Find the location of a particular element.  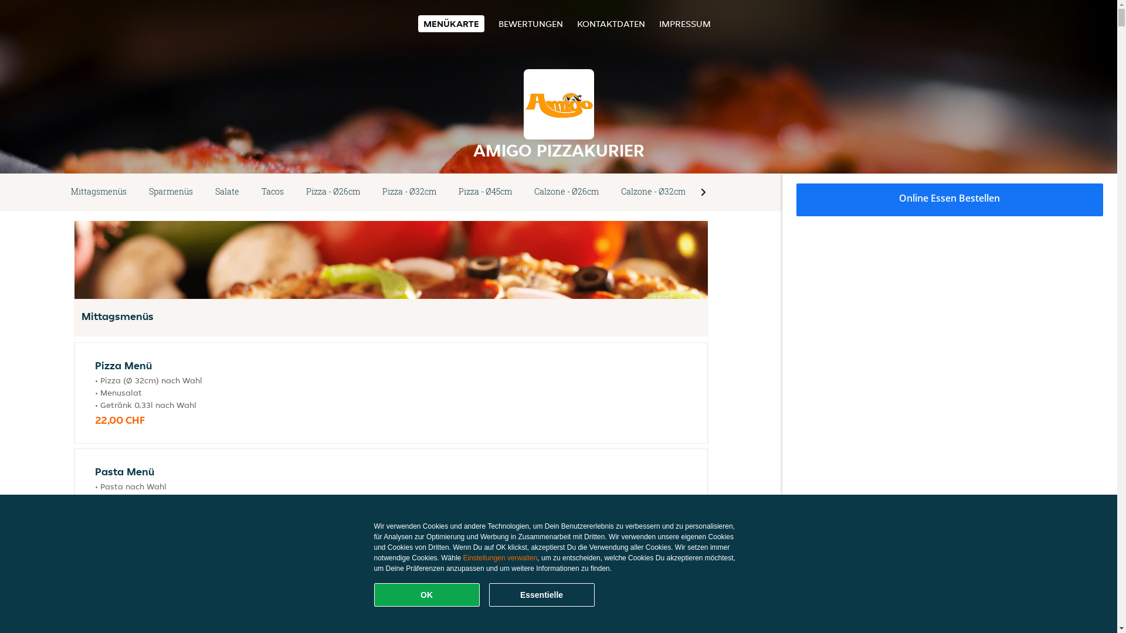

'Tacos' is located at coordinates (272, 191).